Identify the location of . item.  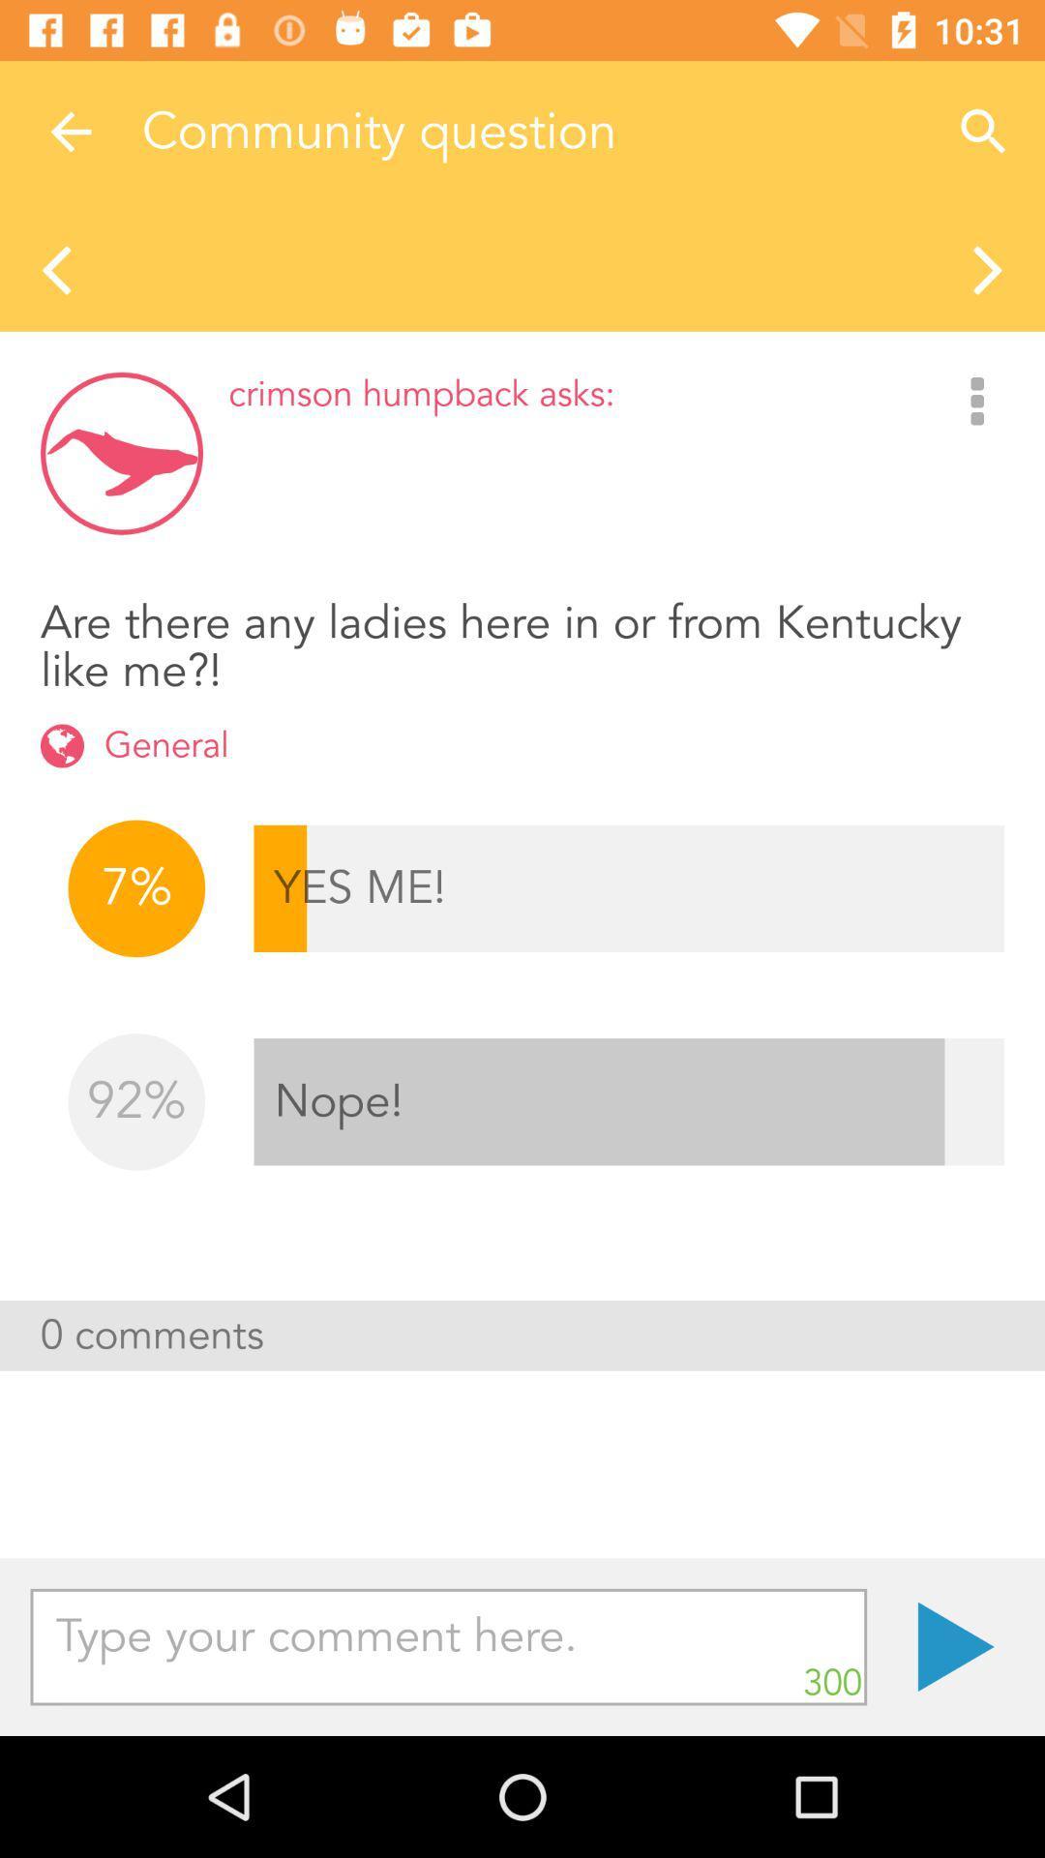
(955, 1646).